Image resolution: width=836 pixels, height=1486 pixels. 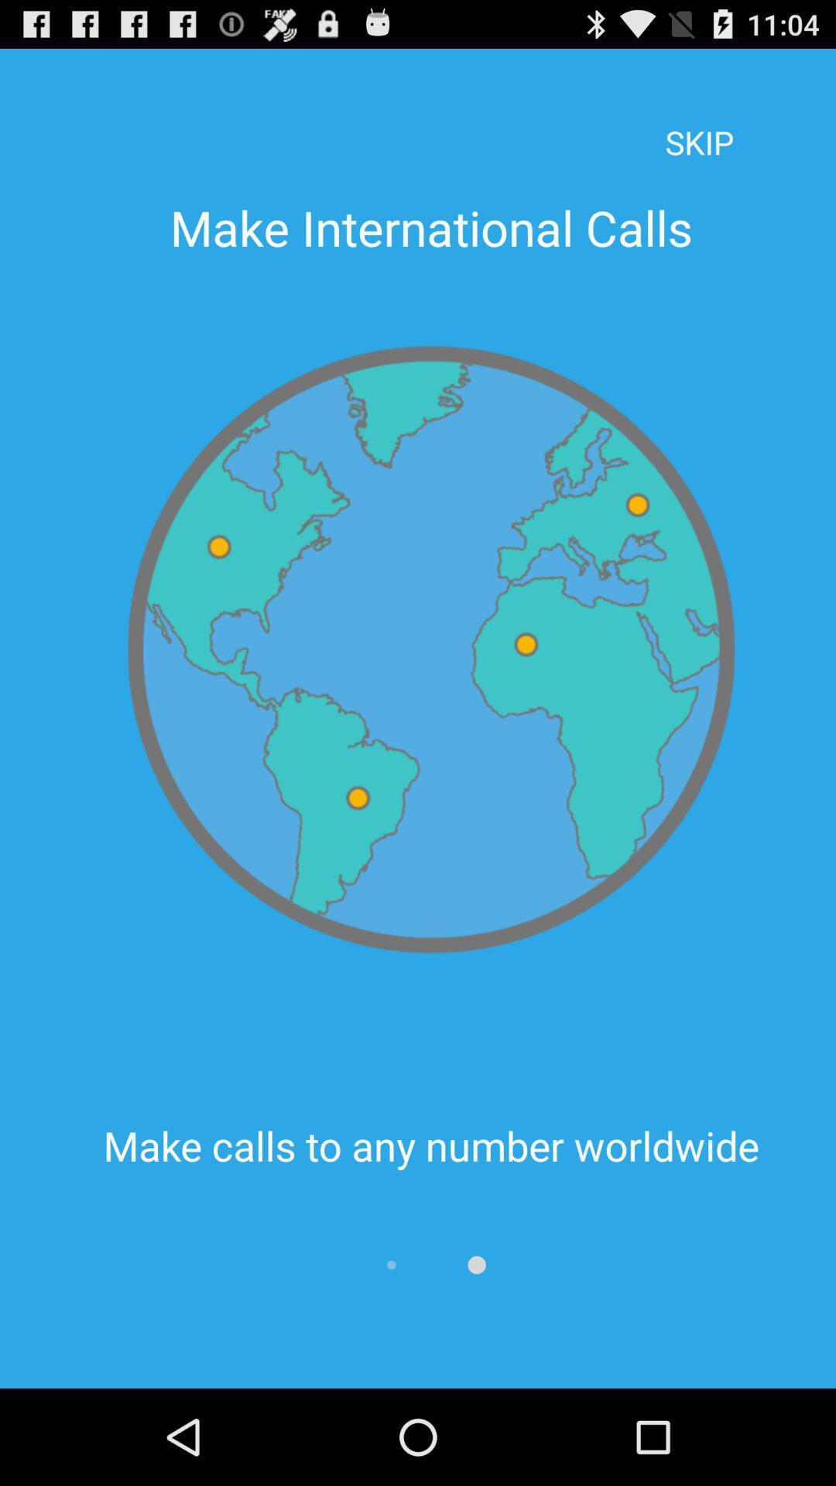 What do you see at coordinates (476, 1265) in the screenshot?
I see `indicating page two of two` at bounding box center [476, 1265].